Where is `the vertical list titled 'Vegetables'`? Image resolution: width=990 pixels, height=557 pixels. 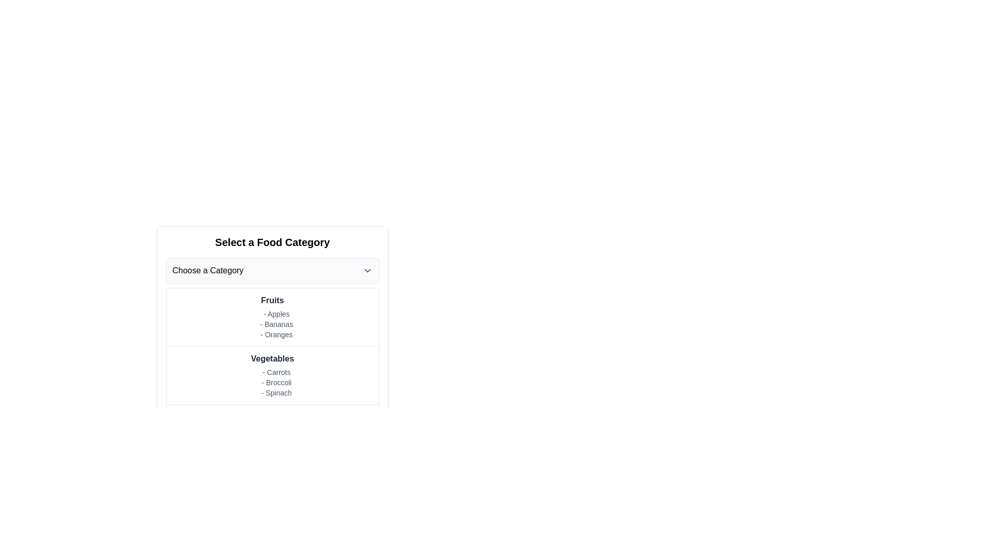 the vertical list titled 'Vegetables' is located at coordinates (272, 375).